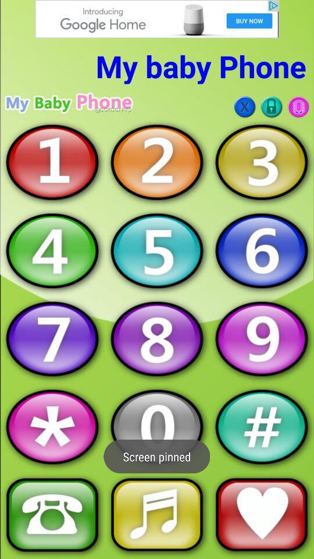  What do you see at coordinates (157, 18) in the screenshot?
I see `google home` at bounding box center [157, 18].